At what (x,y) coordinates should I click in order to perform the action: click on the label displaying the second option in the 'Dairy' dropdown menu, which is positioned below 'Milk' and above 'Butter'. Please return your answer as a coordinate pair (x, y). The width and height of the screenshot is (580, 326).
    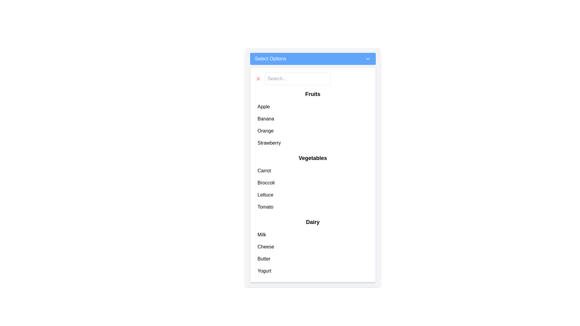
    Looking at the image, I should click on (266, 247).